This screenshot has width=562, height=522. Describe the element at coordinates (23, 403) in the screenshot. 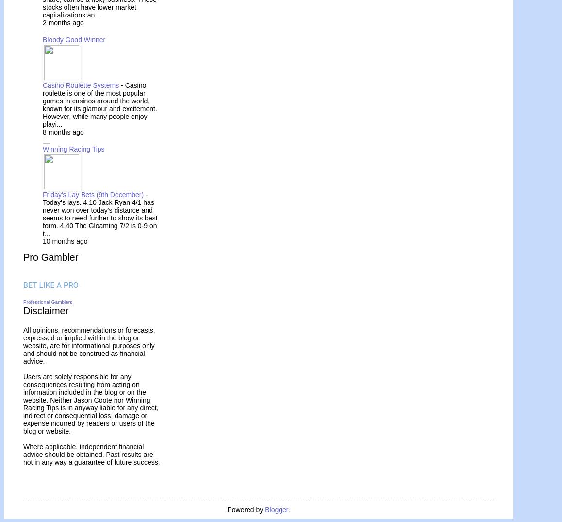

I see `'Users are solely responsible for any consequences resulting from acting on information included in the blog or on the website. Neither Jason Coote nor Winning Racing Tips is in anyway liable for any direct, indirect or consequential loss, damage or expense incurred by readers or users of the blog or website.'` at that location.